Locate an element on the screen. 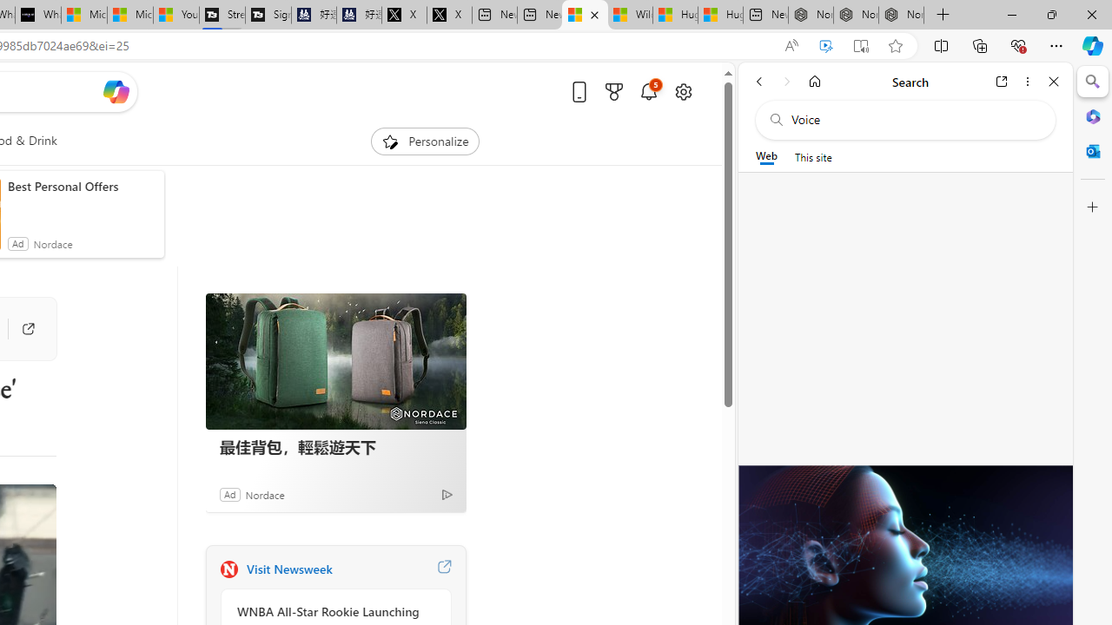  'X' is located at coordinates (449, 15).